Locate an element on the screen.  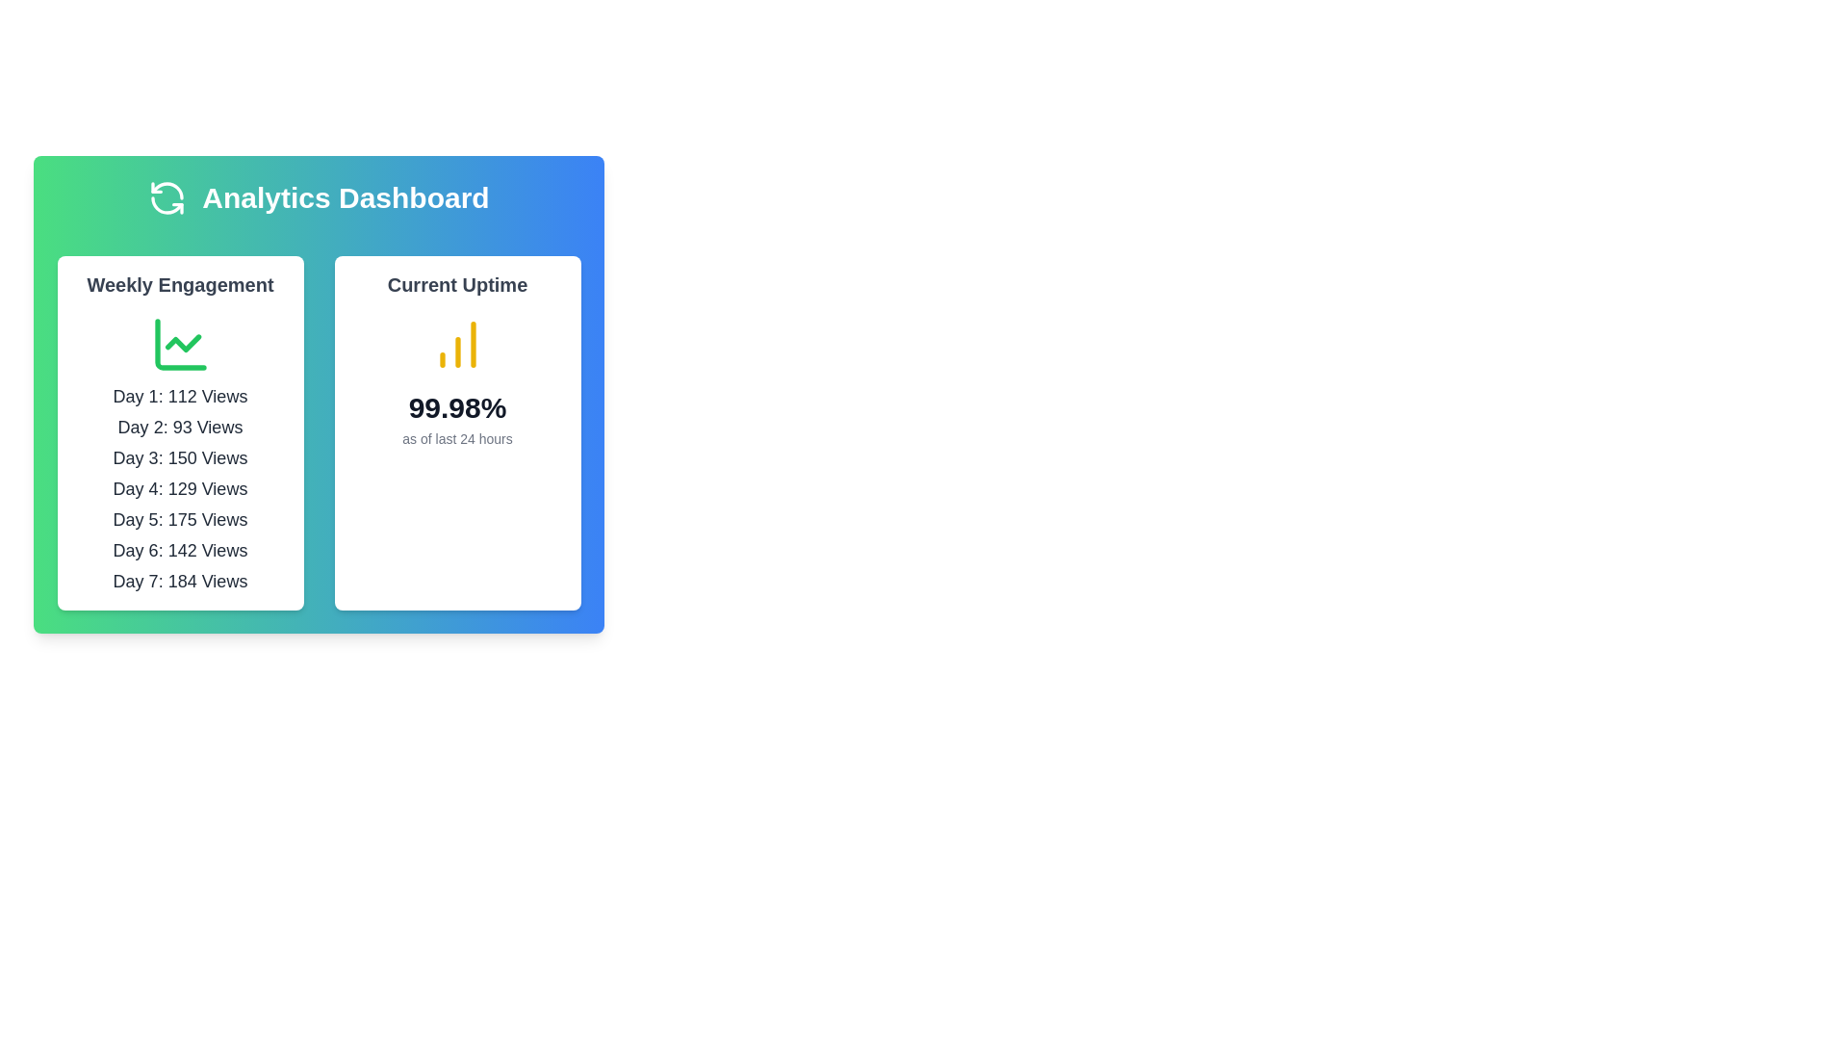
the text label displaying 'Day 1: 112 Views', which is the first item in the 'Weekly Engagement' list is located at coordinates (180, 396).